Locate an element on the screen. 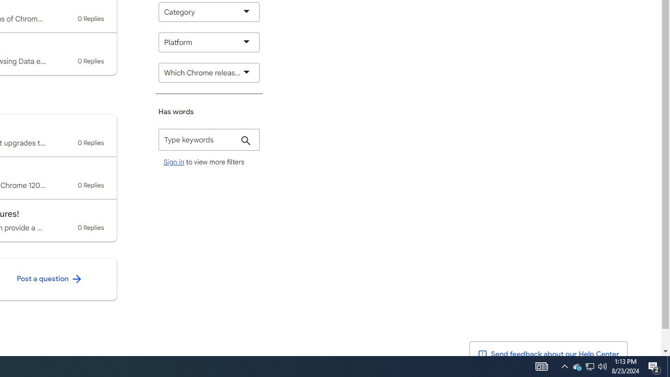 This screenshot has height=377, width=670. 'Category' is located at coordinates (209, 12).